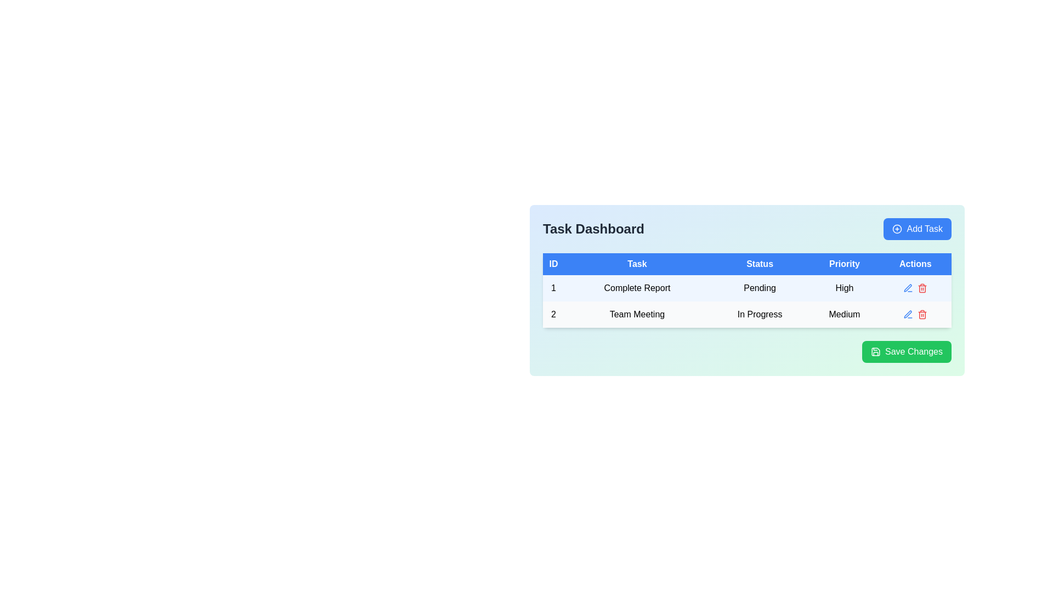  I want to click on the static text label that identifies the first entry in the tabular data under the 'ID' column, positioned at the top-left side of the table component, so click(553, 287).